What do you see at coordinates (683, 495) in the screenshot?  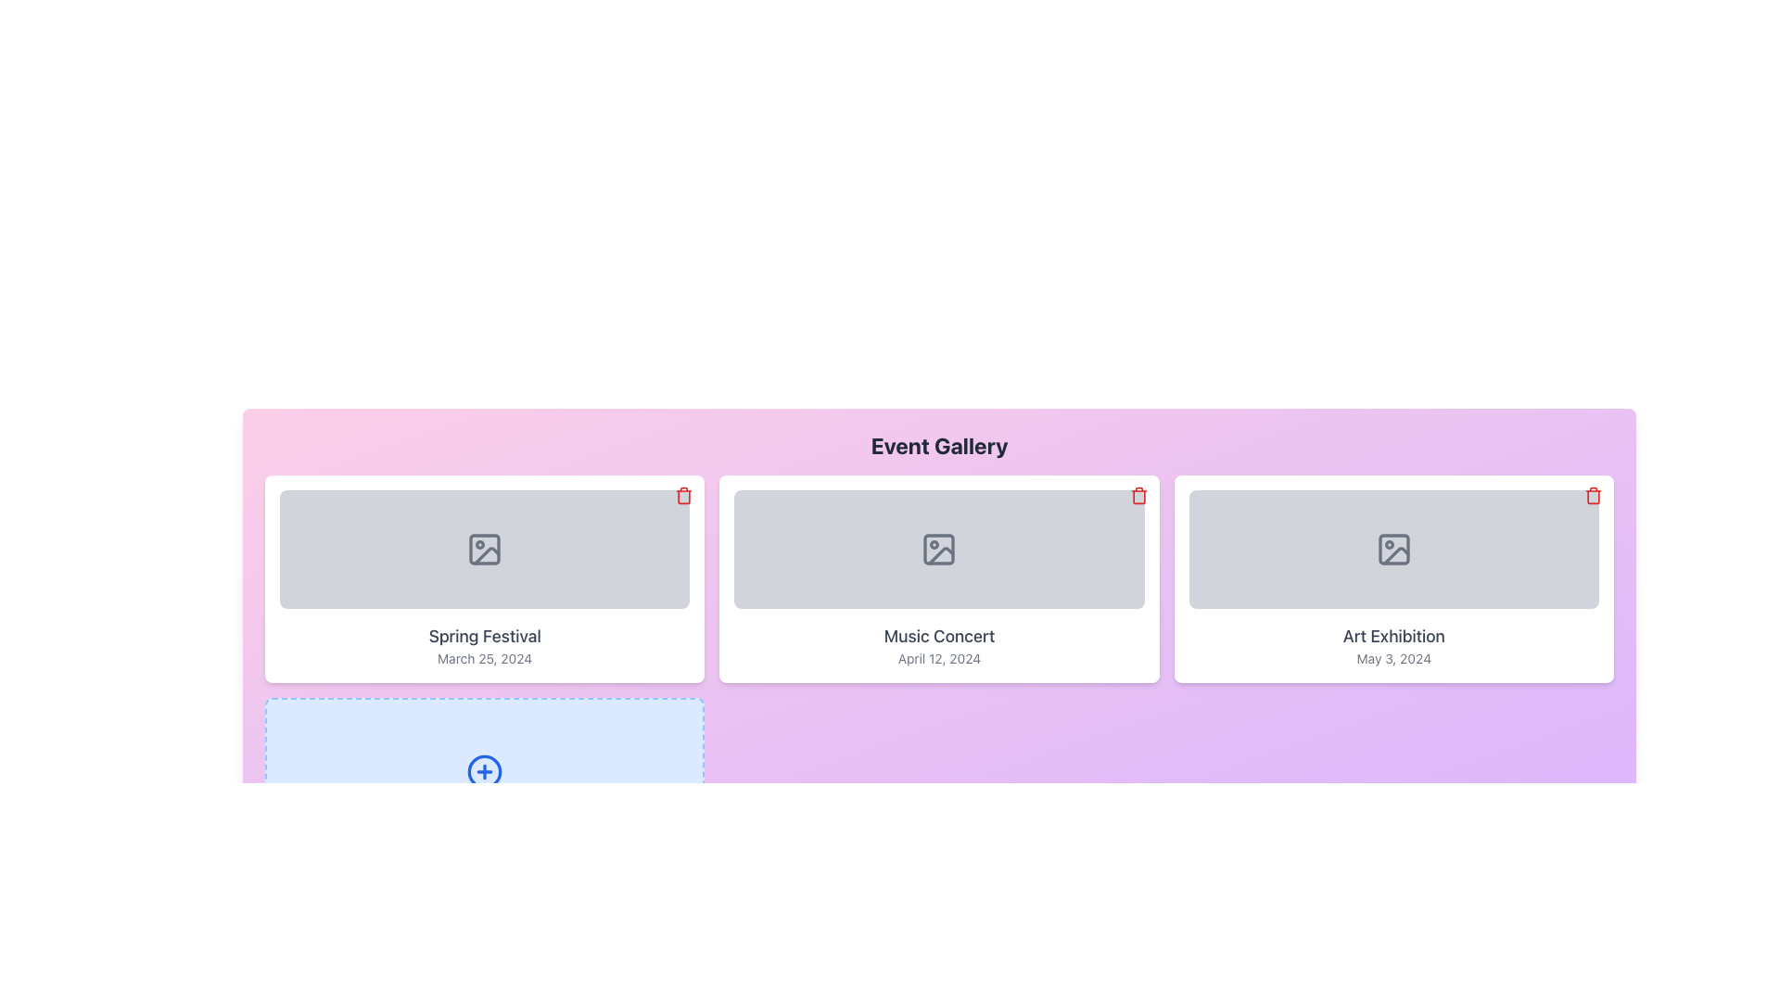 I see `the icon button at the top-right corner of the first event card to change its color, which allows users to delete or remove the associated event card` at bounding box center [683, 495].